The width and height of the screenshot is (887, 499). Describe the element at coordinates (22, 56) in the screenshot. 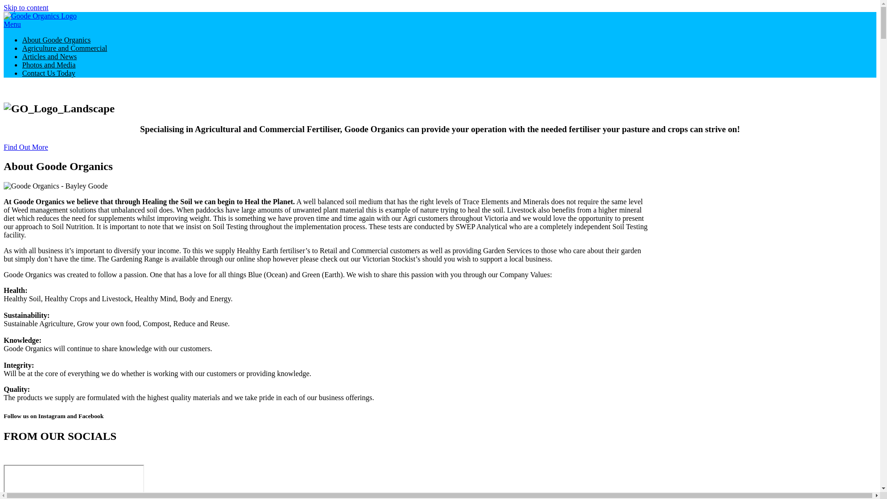

I see `'Articles and News'` at that location.